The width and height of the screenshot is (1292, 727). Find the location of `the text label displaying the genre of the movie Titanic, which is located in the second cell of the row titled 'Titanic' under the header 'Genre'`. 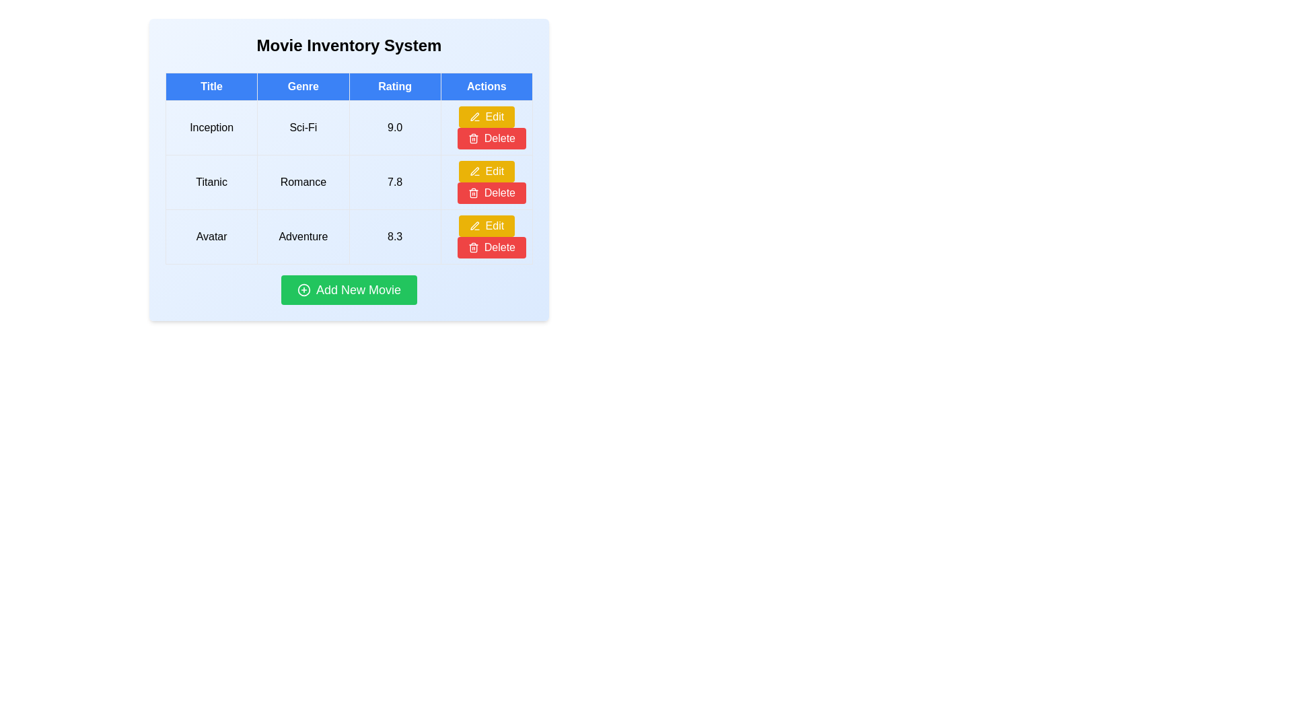

the text label displaying the genre of the movie Titanic, which is located in the second cell of the row titled 'Titanic' under the header 'Genre' is located at coordinates (302, 182).